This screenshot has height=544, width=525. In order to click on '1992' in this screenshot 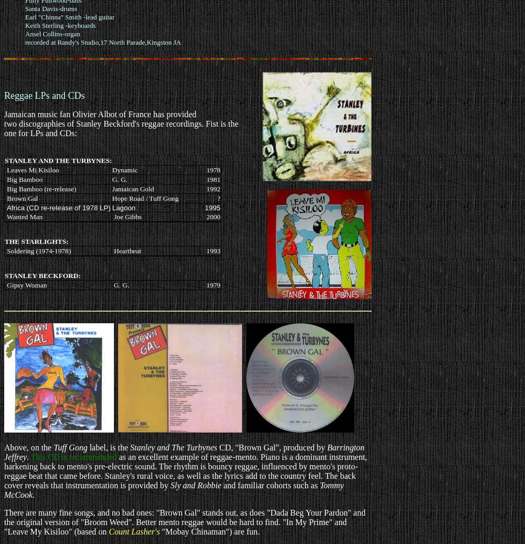, I will do `click(206, 188)`.